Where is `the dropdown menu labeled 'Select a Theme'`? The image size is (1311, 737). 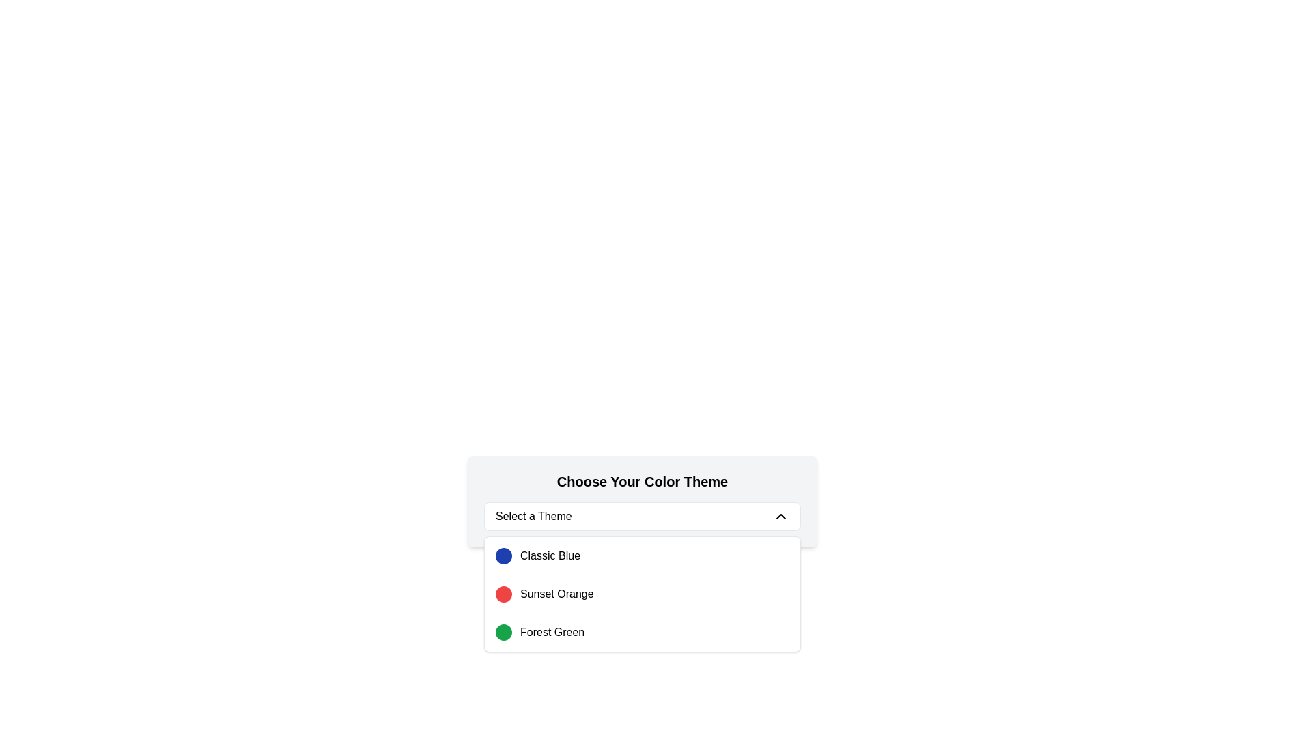 the dropdown menu labeled 'Select a Theme' is located at coordinates (641, 516).